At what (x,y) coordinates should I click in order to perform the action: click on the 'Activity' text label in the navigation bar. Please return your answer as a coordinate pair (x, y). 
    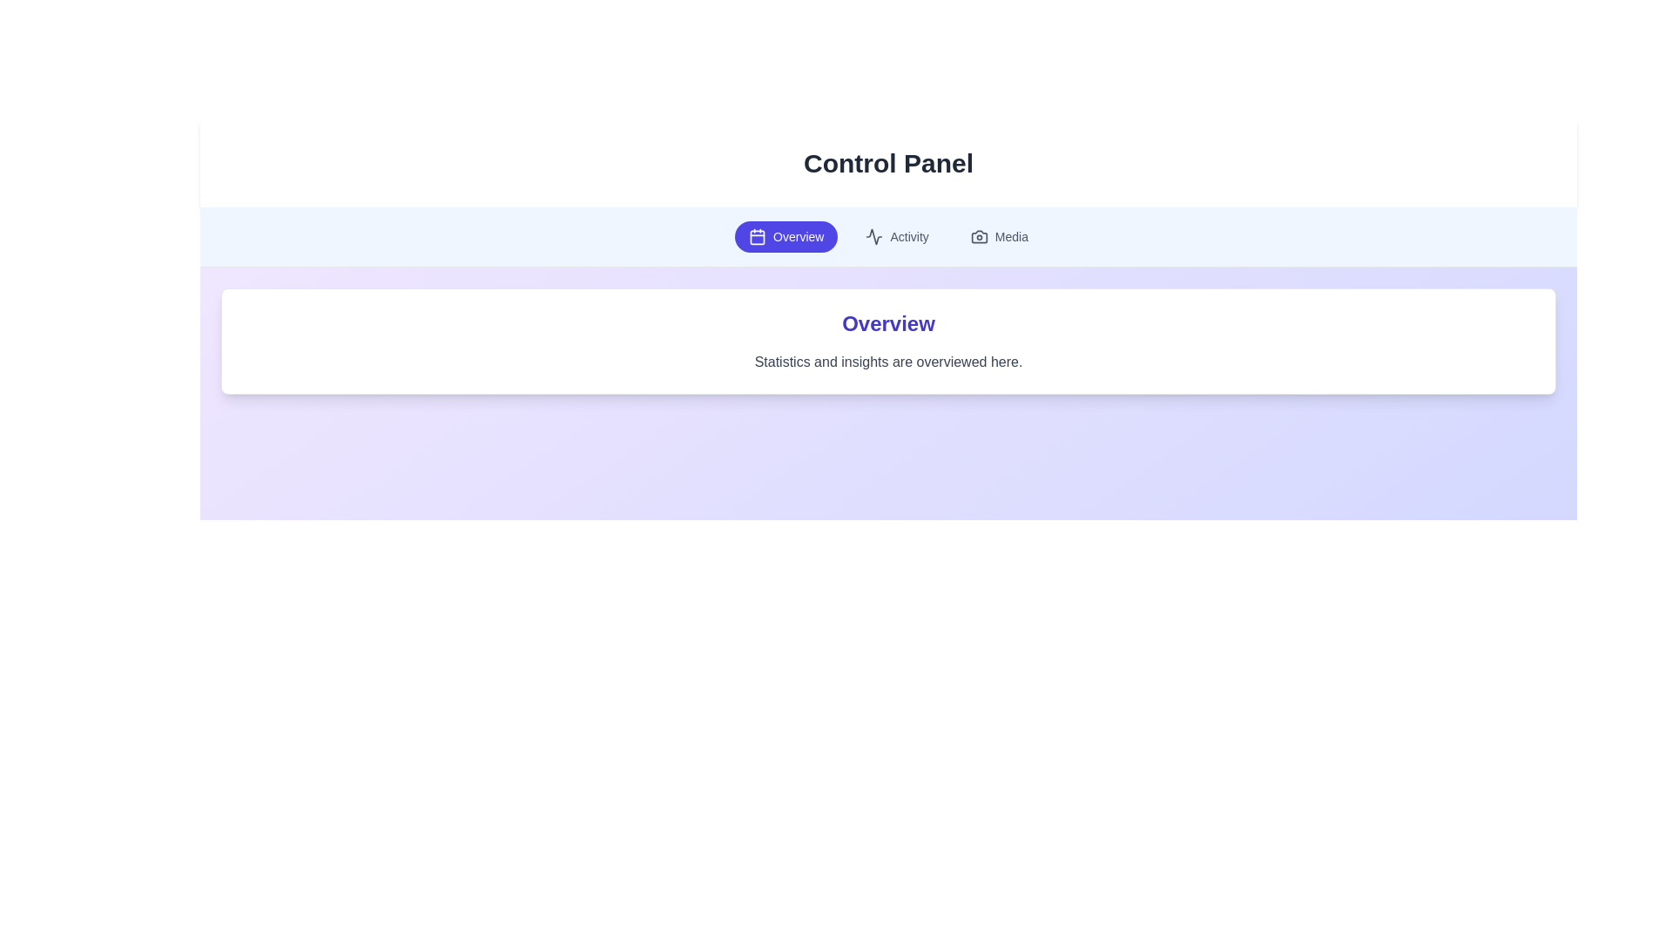
    Looking at the image, I should click on (908, 237).